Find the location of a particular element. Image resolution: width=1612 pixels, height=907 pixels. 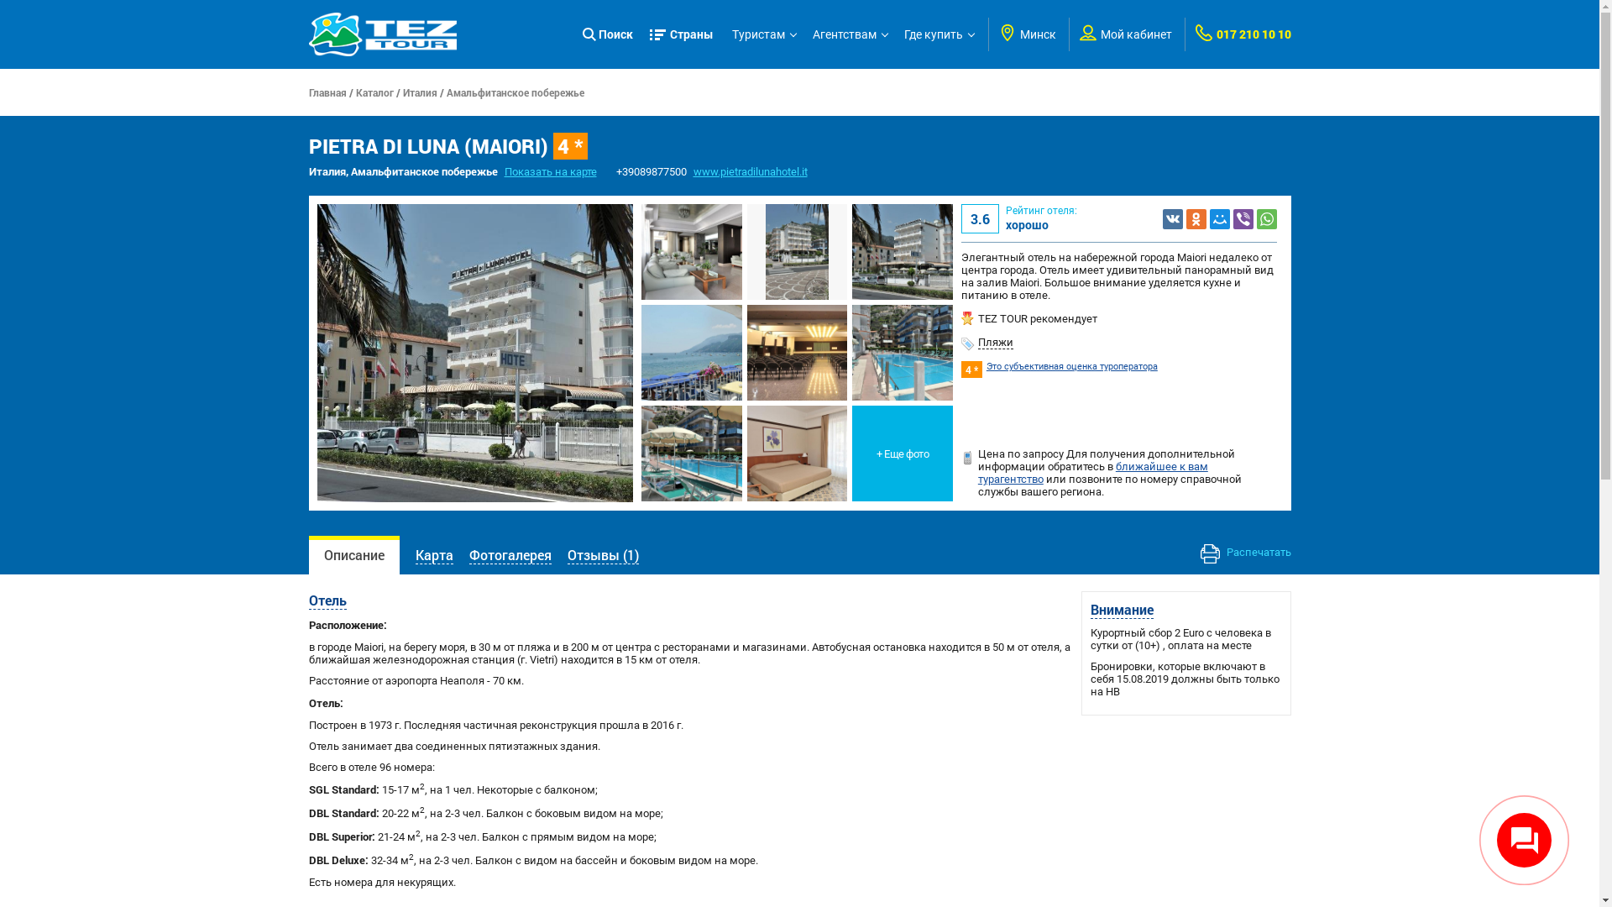

'www.pietradilunahotel.it' is located at coordinates (749, 171).